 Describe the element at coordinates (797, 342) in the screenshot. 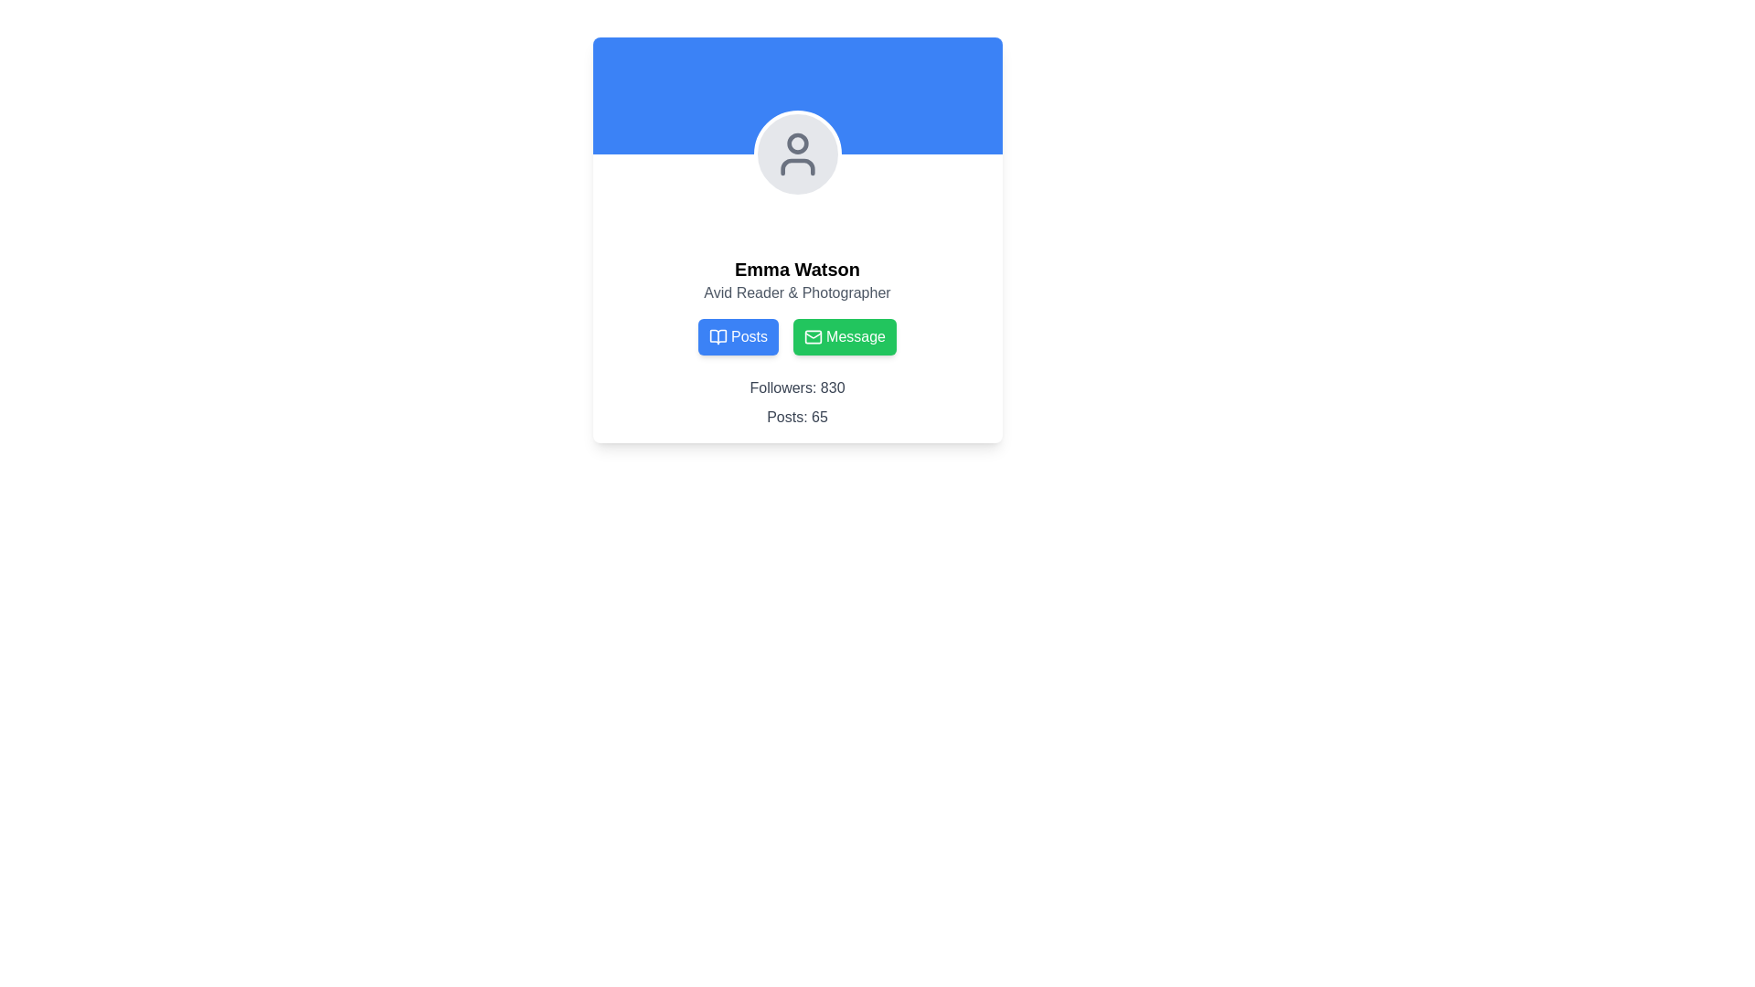

I see `the buttons within the Profile Information Section, which displays the user's profile information and quick actions for interaction, located at the lower portion of the card` at that location.